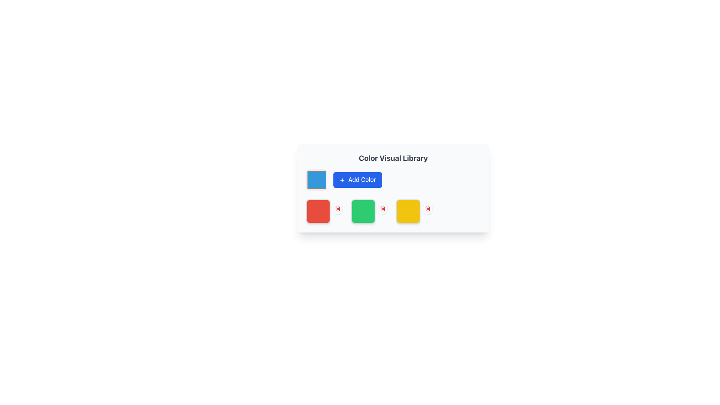 The width and height of the screenshot is (720, 405). I want to click on the green color swatch in the Color Visual Library, which is the third box from the left in the second row, so click(363, 211).